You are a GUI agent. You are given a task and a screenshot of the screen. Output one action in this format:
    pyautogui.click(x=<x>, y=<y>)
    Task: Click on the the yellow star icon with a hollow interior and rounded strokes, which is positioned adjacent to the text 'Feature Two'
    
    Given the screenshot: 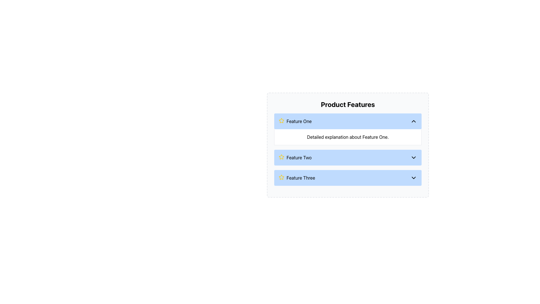 What is the action you would take?
    pyautogui.click(x=282, y=157)
    